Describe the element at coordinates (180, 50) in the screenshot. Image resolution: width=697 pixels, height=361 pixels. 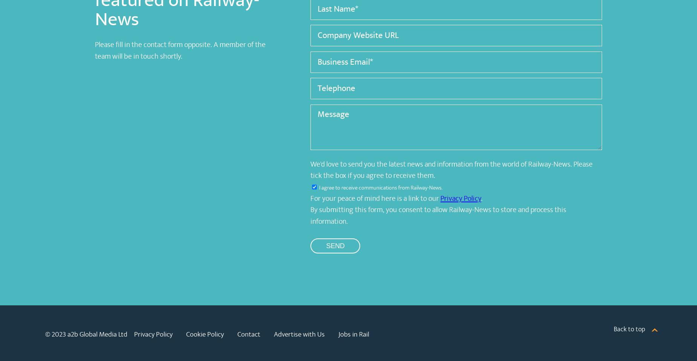
I see `'Please fill in the contact form opposite. A member of the team will be in touch shortly.'` at that location.